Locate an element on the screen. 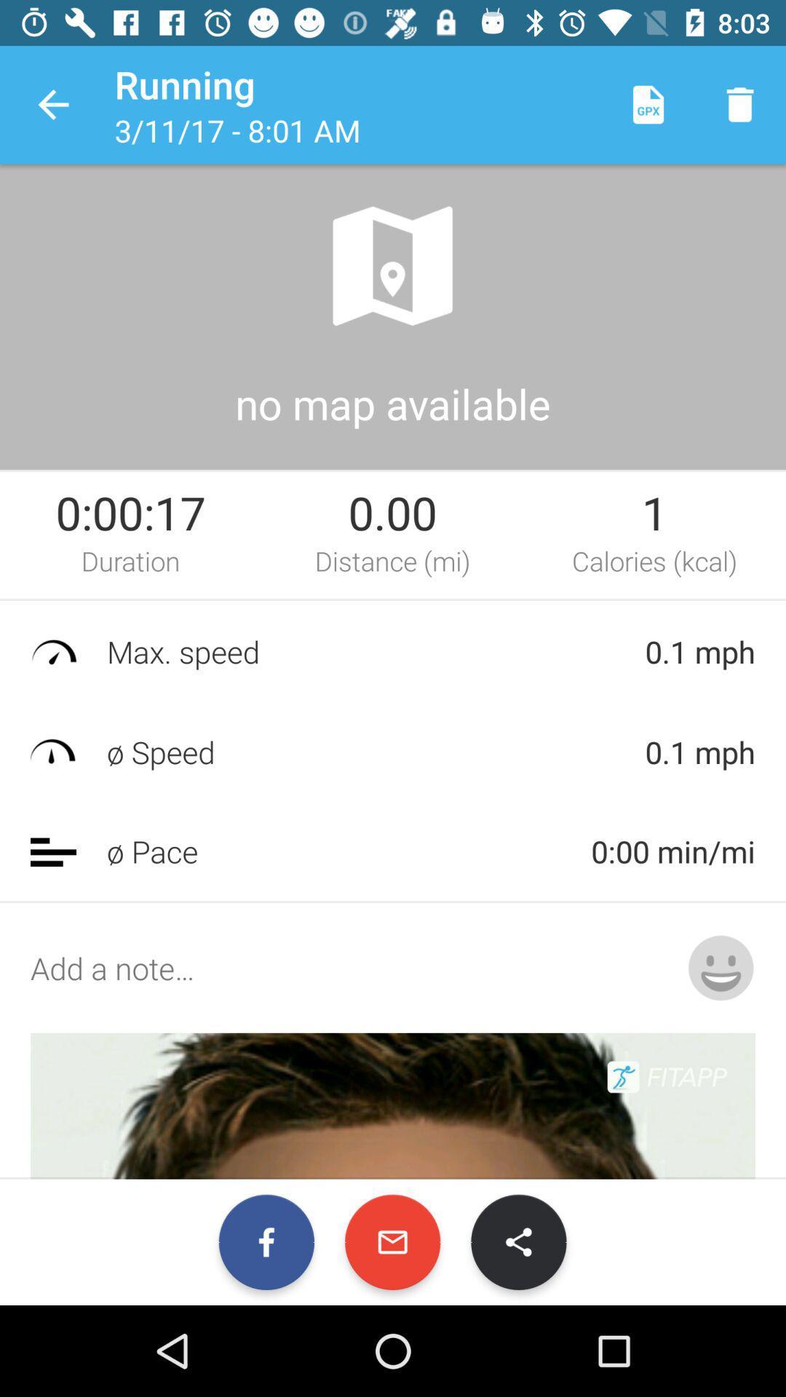  the email icon is located at coordinates (392, 1241).